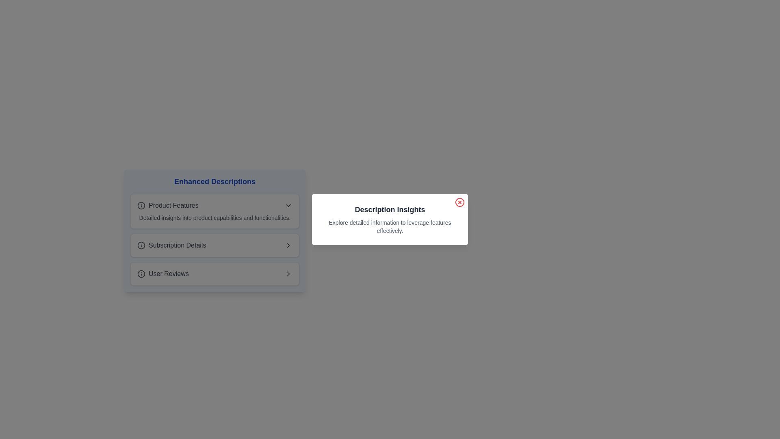  What do you see at coordinates (141, 205) in the screenshot?
I see `the circular graphic located to the left of the 'Product Features' label in the 'Enhanced Descriptions' section, which serves as a non-interactive visual indicator` at bounding box center [141, 205].